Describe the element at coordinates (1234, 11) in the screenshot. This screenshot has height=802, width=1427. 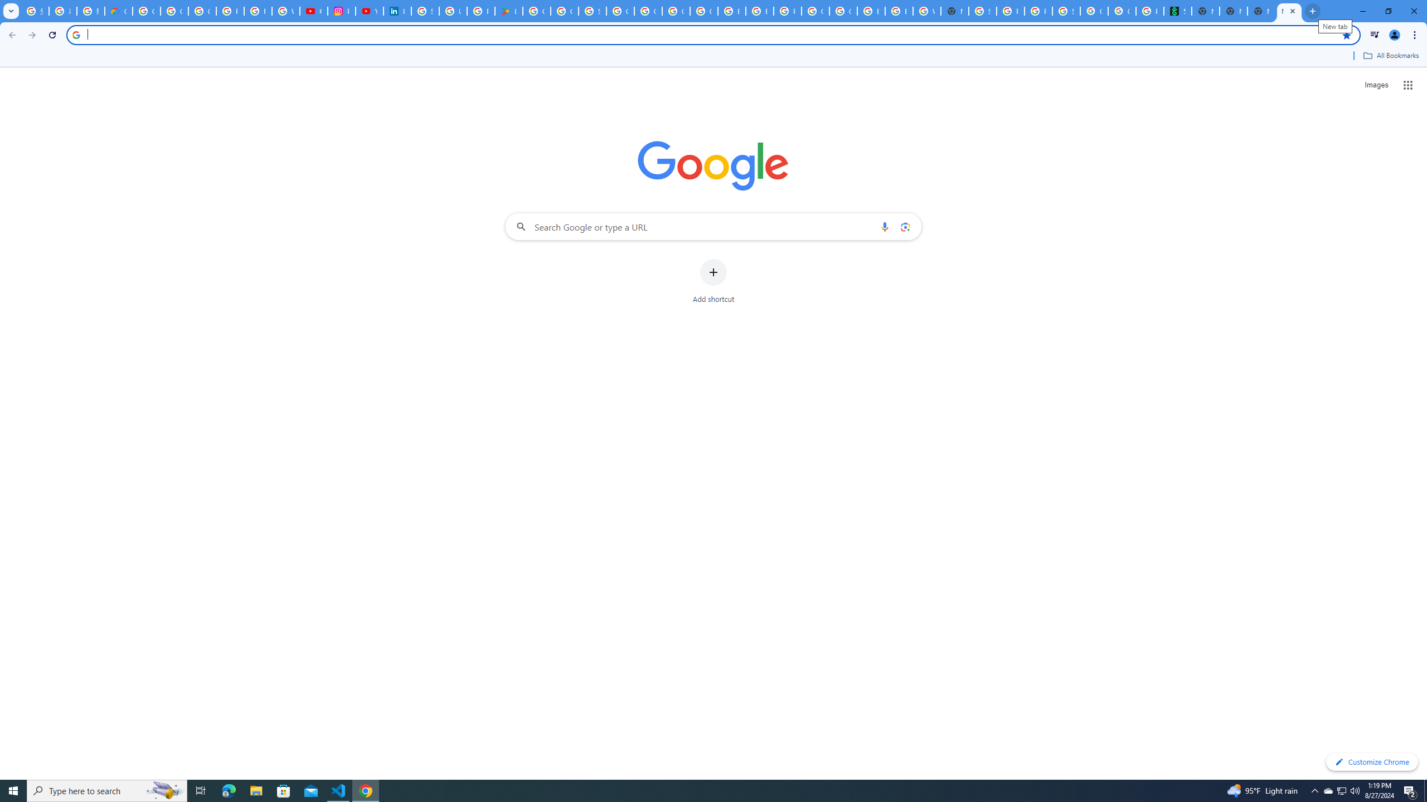
I see `'New Tab'` at that location.